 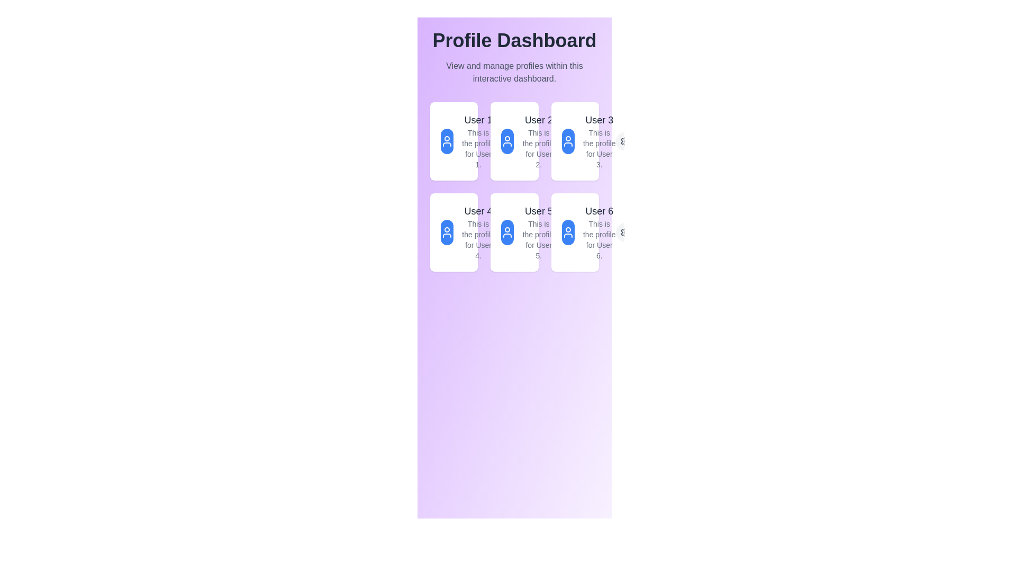 What do you see at coordinates (467, 140) in the screenshot?
I see `the profile card for 'User 1', which includes a blue circular icon with a white user silhouette and the title 'User 1' in bold text` at bounding box center [467, 140].